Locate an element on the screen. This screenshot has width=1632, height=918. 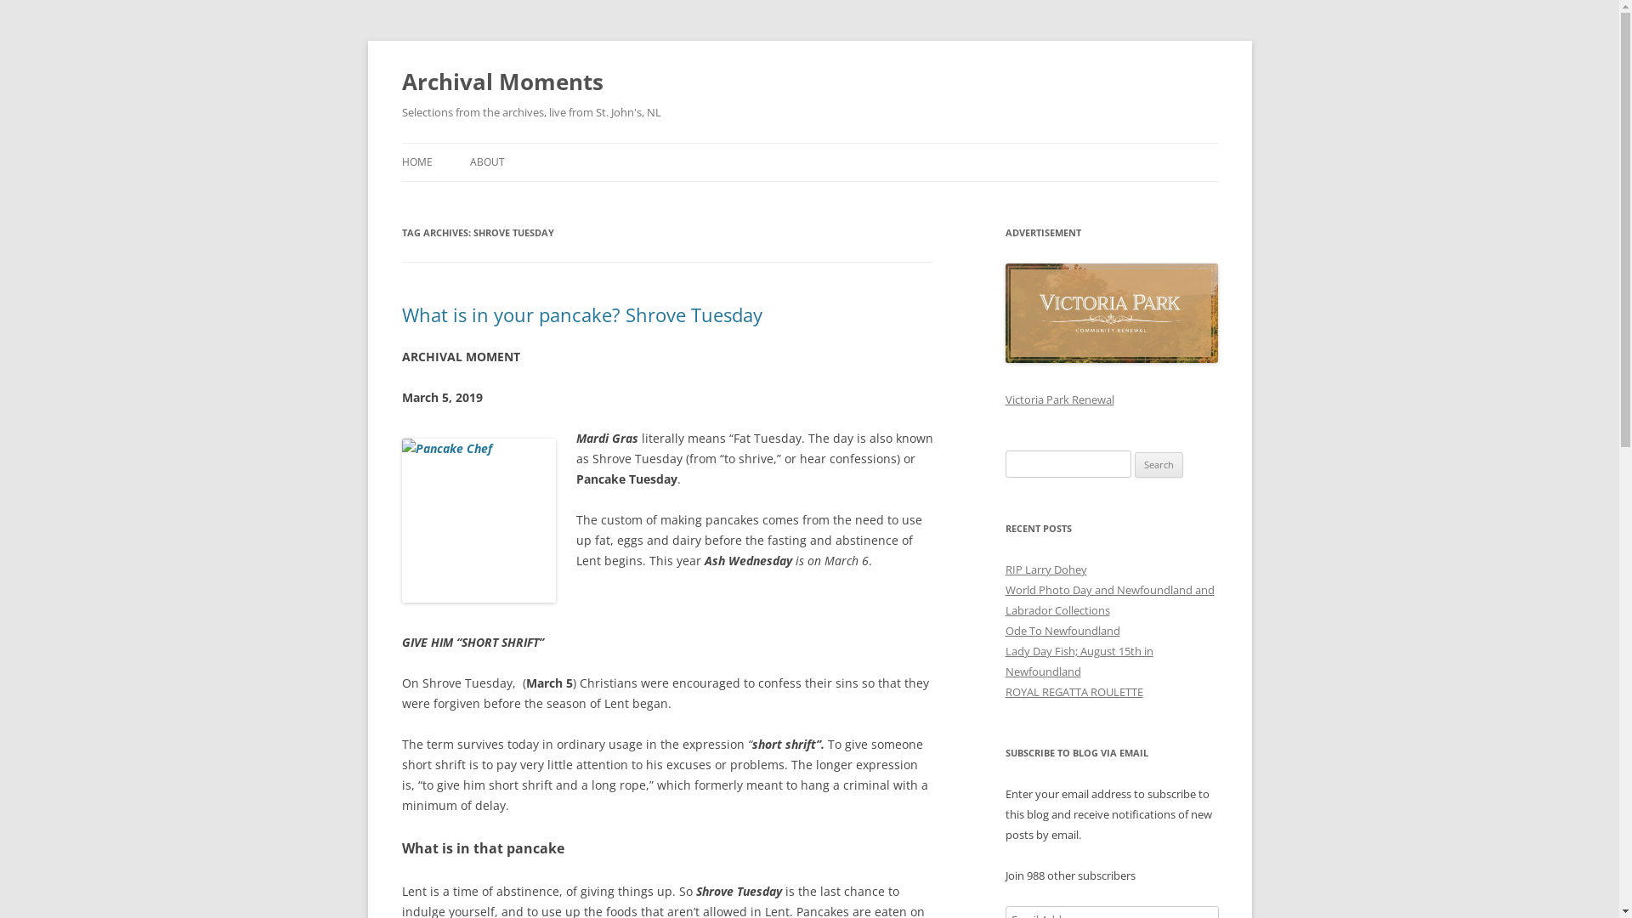
'HOME' is located at coordinates (416, 162).